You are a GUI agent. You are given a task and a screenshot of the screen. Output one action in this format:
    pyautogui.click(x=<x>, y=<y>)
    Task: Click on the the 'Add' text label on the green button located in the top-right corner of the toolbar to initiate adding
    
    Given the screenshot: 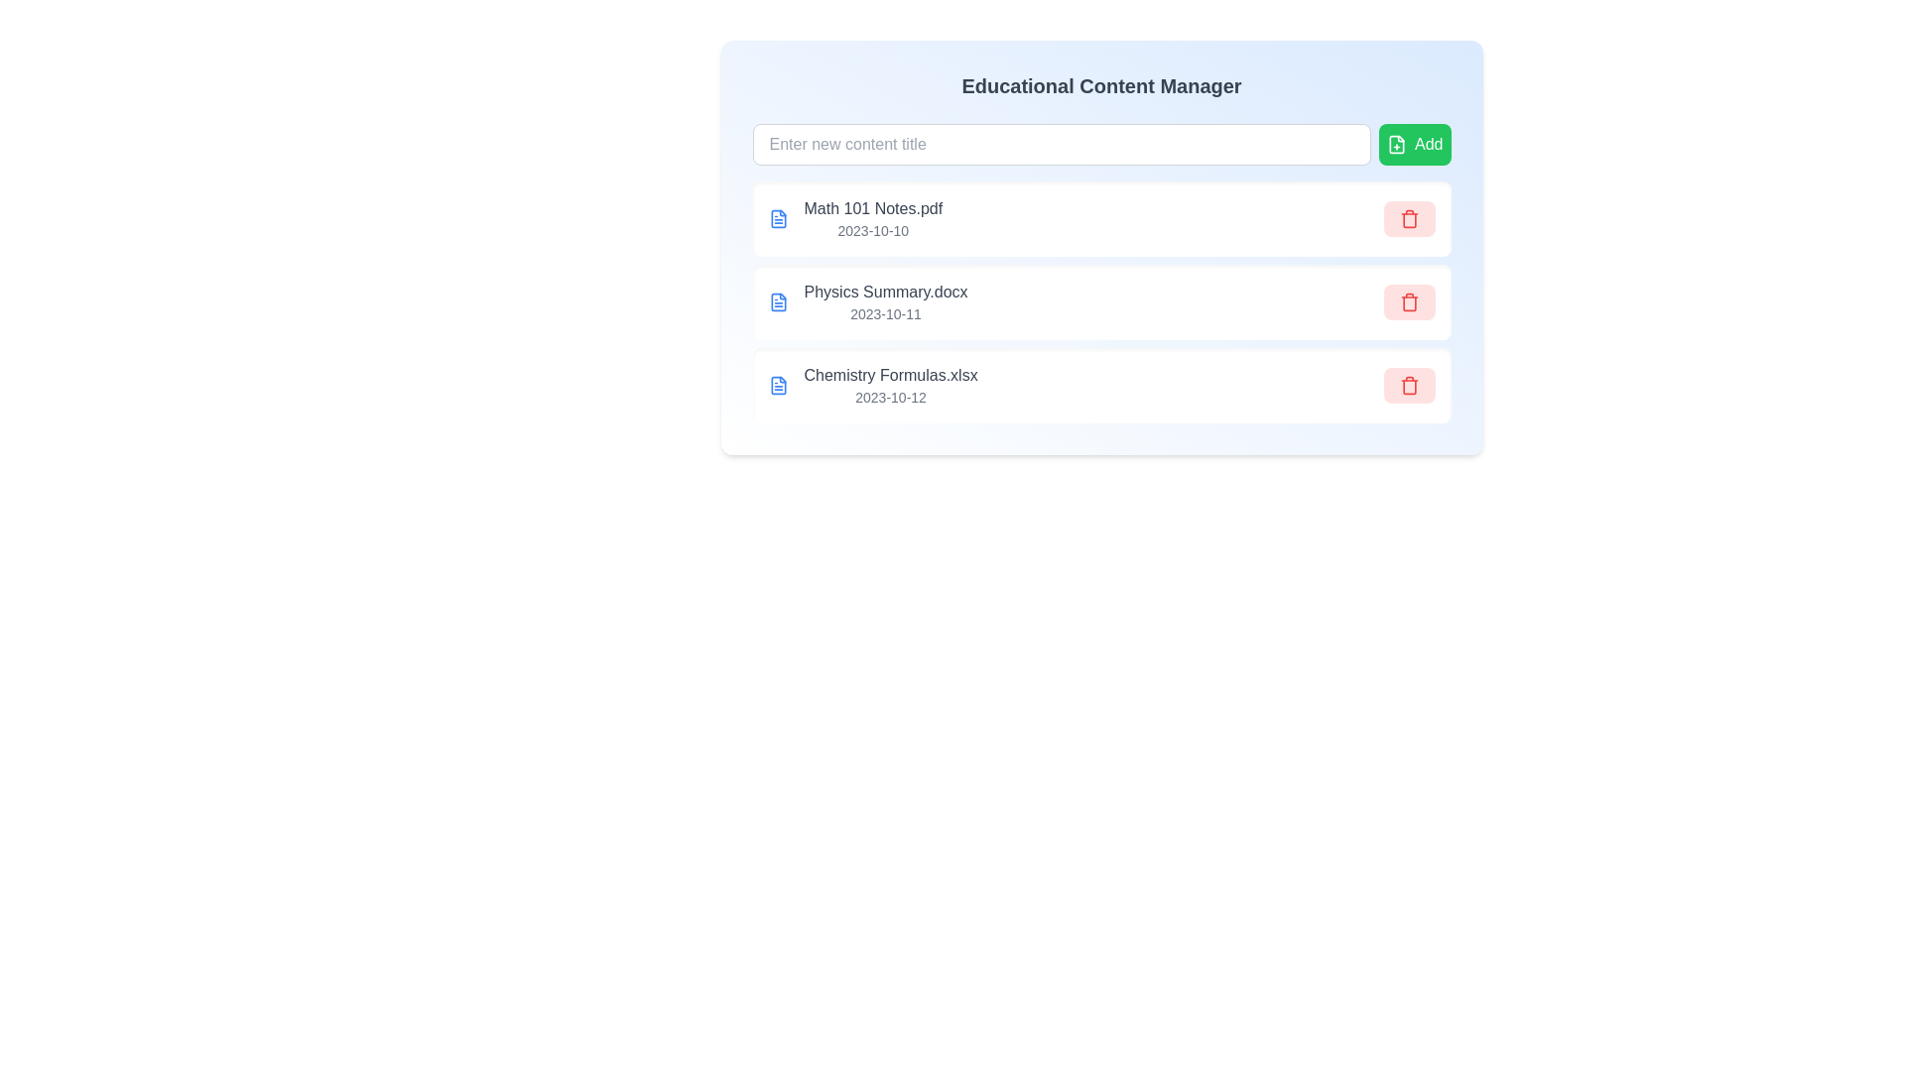 What is the action you would take?
    pyautogui.click(x=1429, y=144)
    